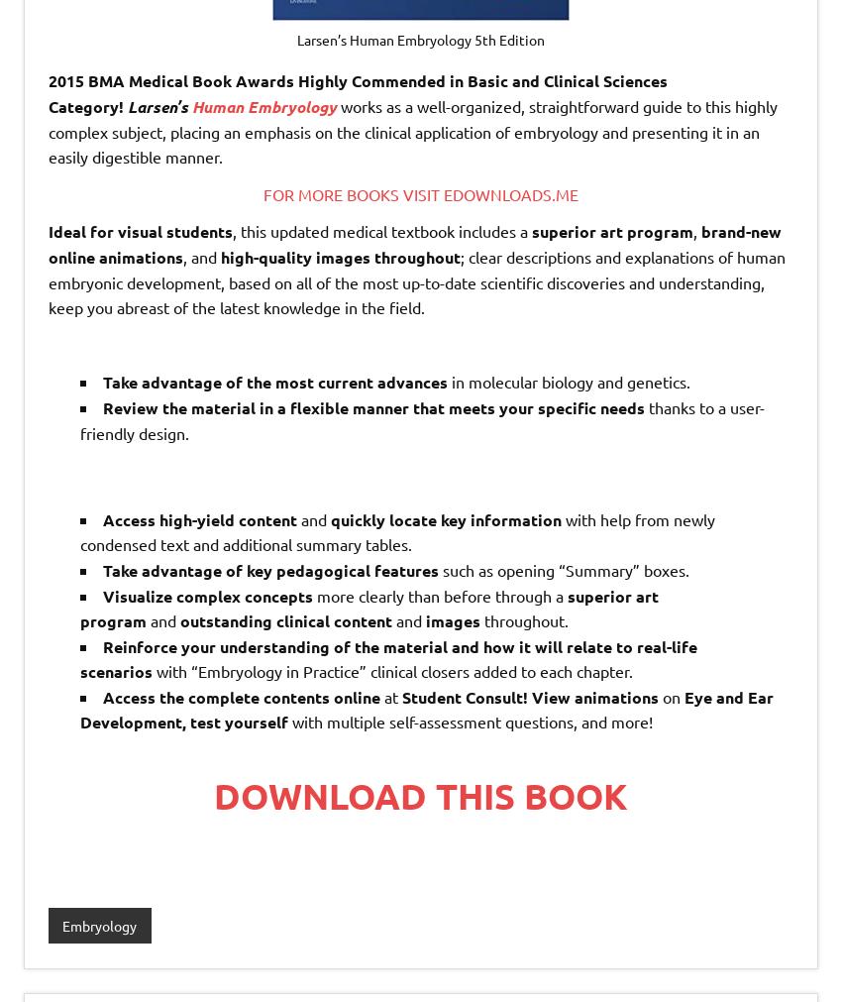 The image size is (842, 1002). Describe the element at coordinates (388, 658) in the screenshot. I see `'Reinforce your understanding of the material and how it will relate to real-life scenarios'` at that location.